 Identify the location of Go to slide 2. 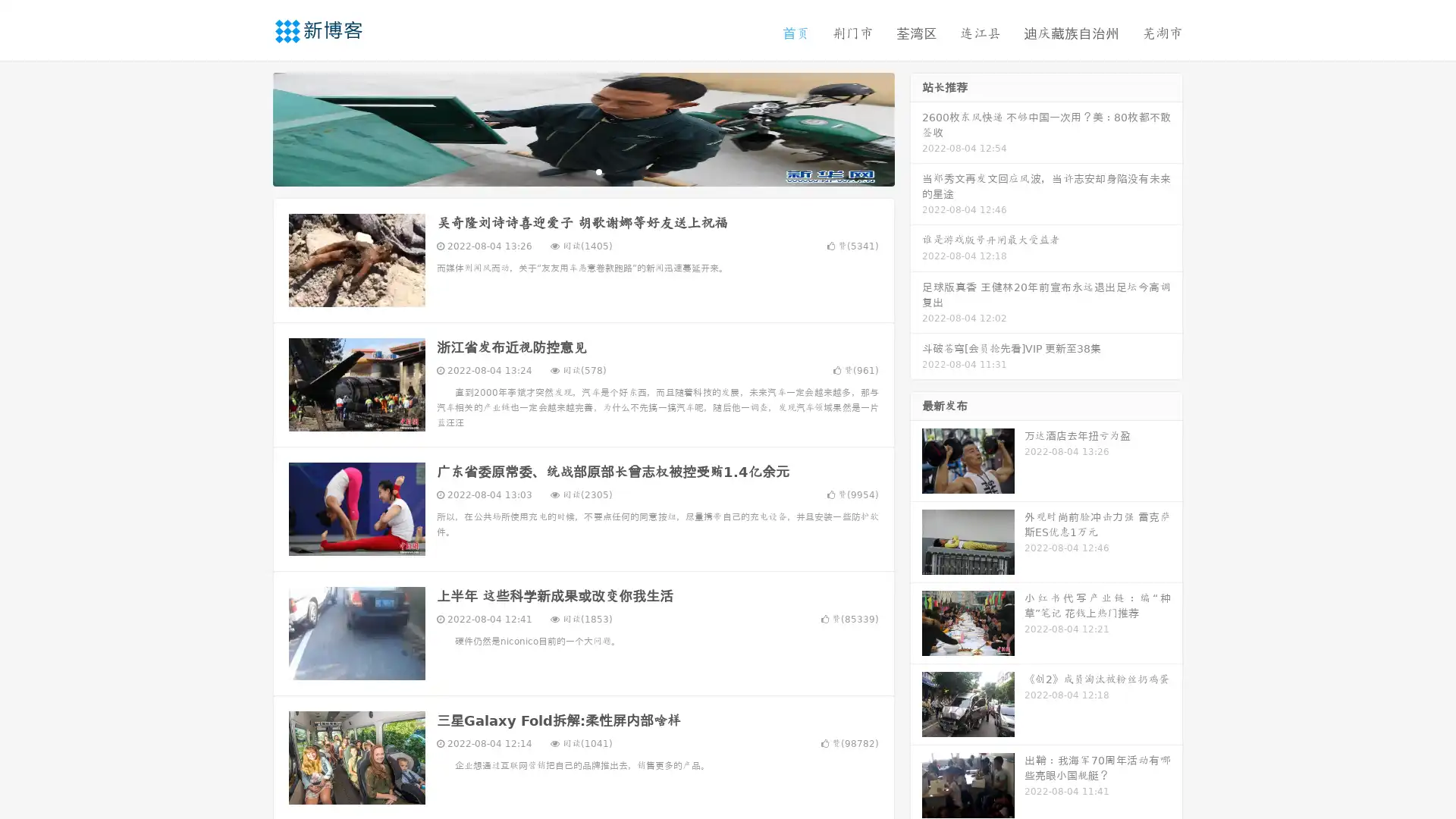
(582, 171).